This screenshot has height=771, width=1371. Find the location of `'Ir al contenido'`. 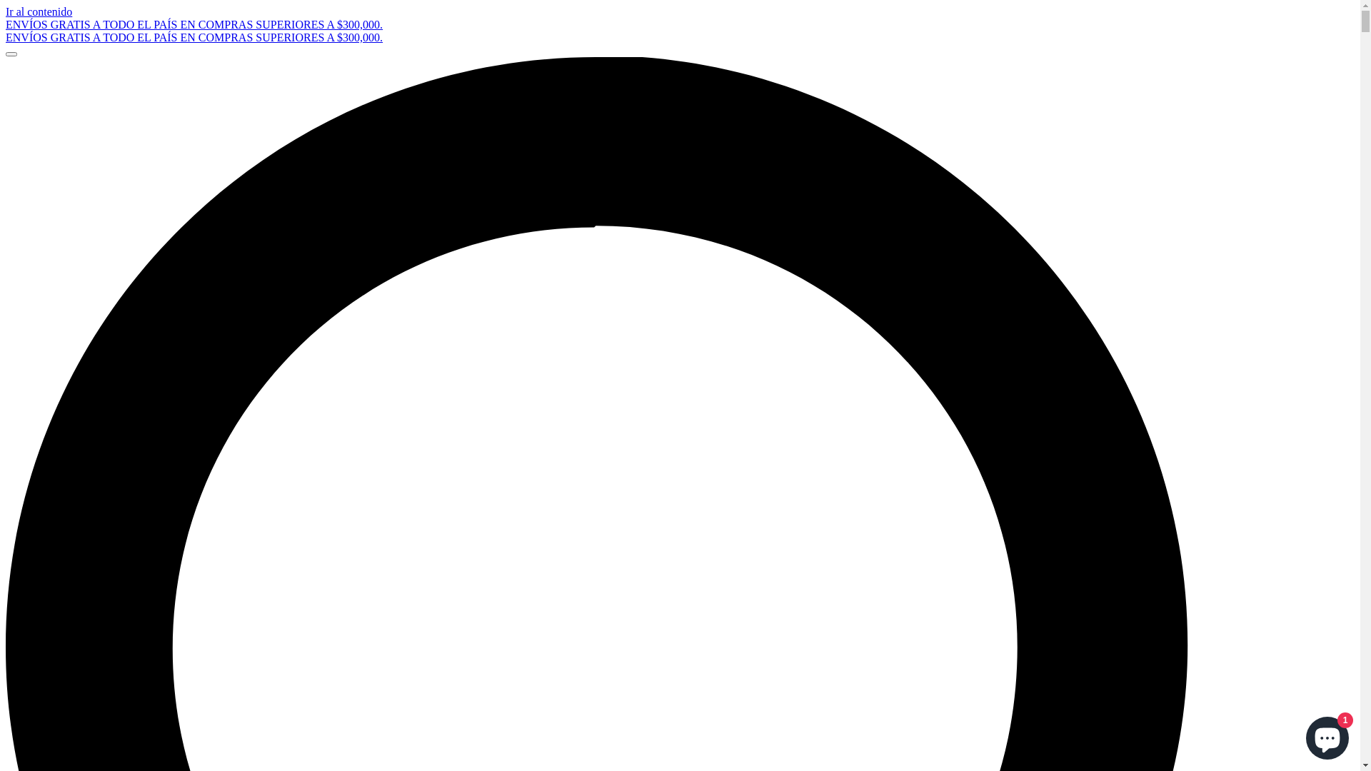

'Ir al contenido' is located at coordinates (6, 11).